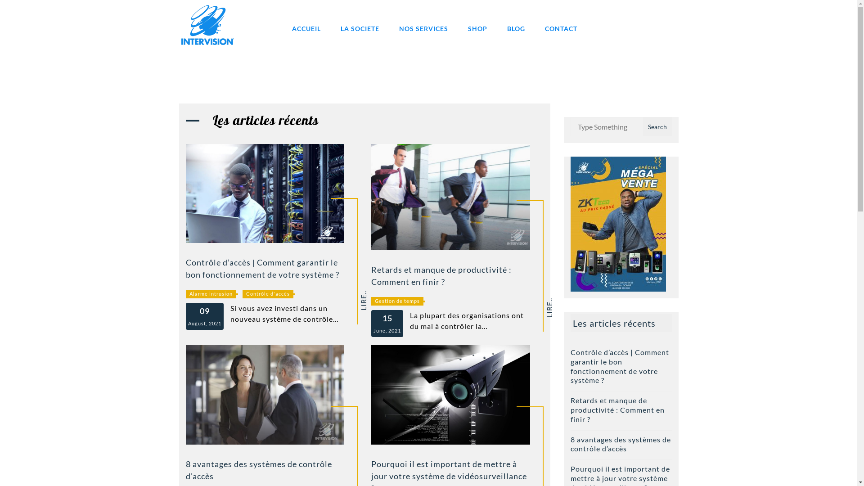  What do you see at coordinates (497, 28) in the screenshot?
I see `'BLOG'` at bounding box center [497, 28].